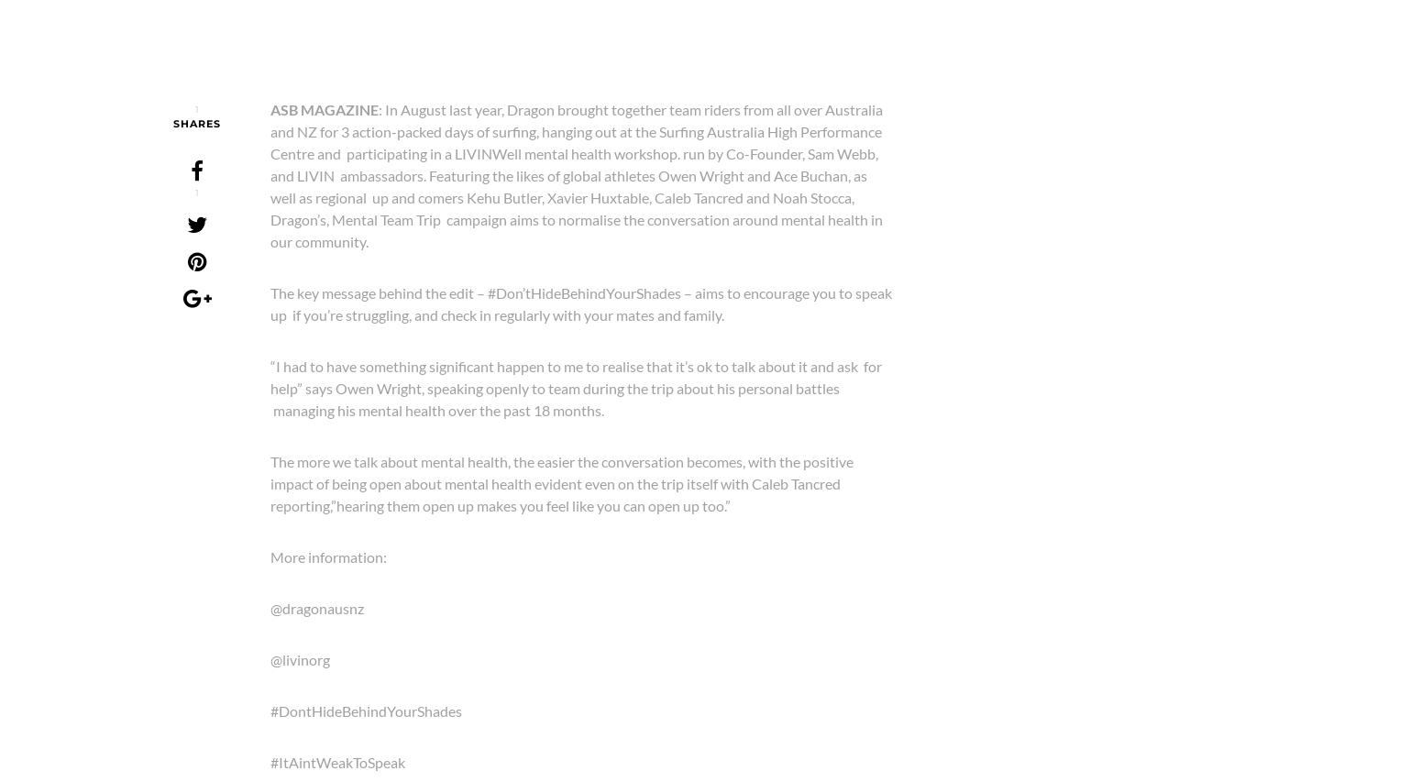 The height and width of the screenshot is (782, 1421). I want to click on 'Shares', so click(195, 122).